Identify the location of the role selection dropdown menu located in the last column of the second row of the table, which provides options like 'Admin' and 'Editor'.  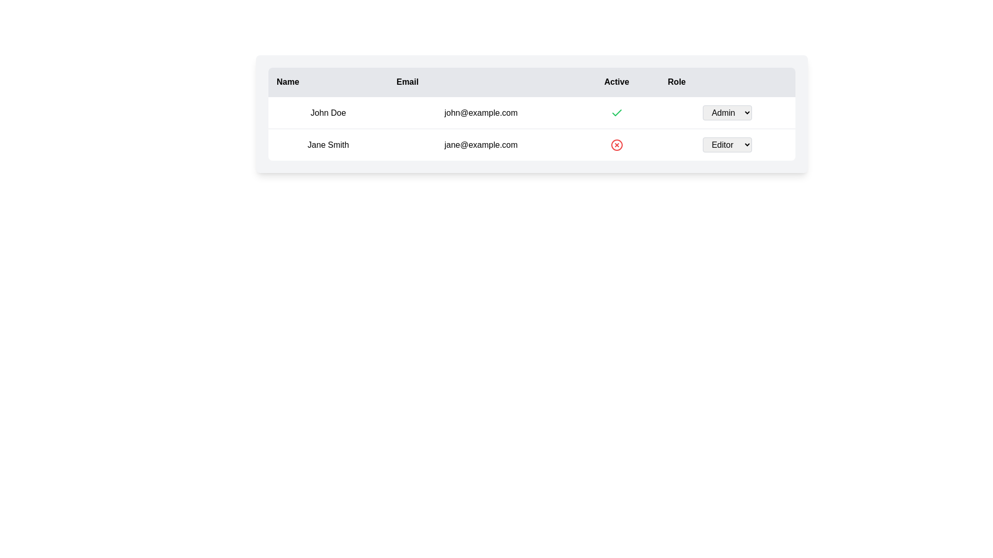
(727, 145).